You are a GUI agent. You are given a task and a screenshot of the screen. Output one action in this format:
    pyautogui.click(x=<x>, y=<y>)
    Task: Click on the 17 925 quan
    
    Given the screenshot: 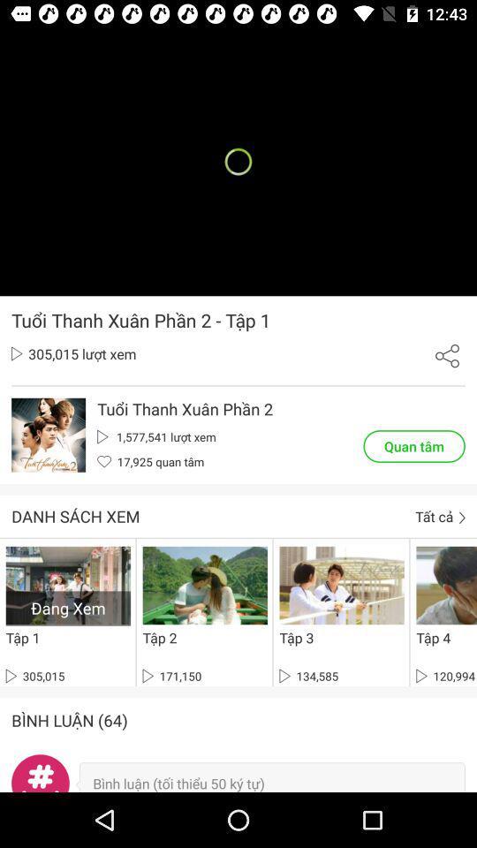 What is the action you would take?
    pyautogui.click(x=150, y=460)
    